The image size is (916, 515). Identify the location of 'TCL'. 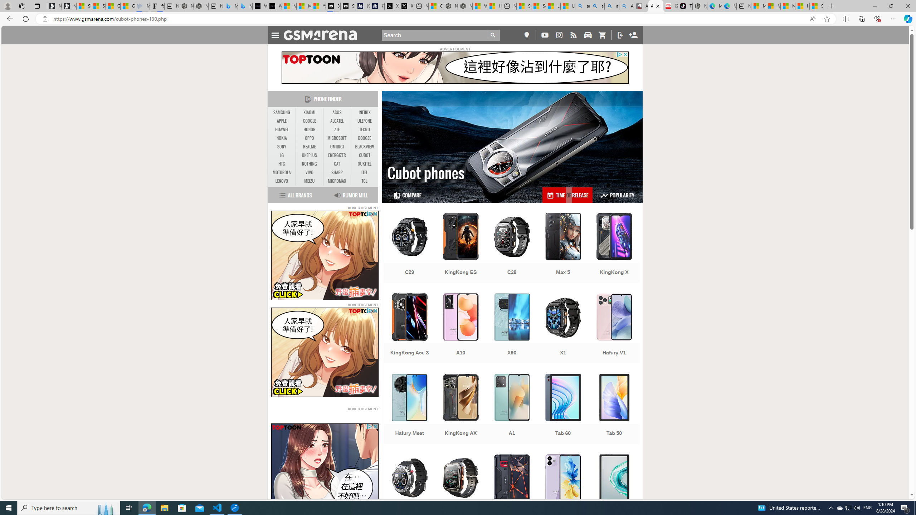
(364, 181).